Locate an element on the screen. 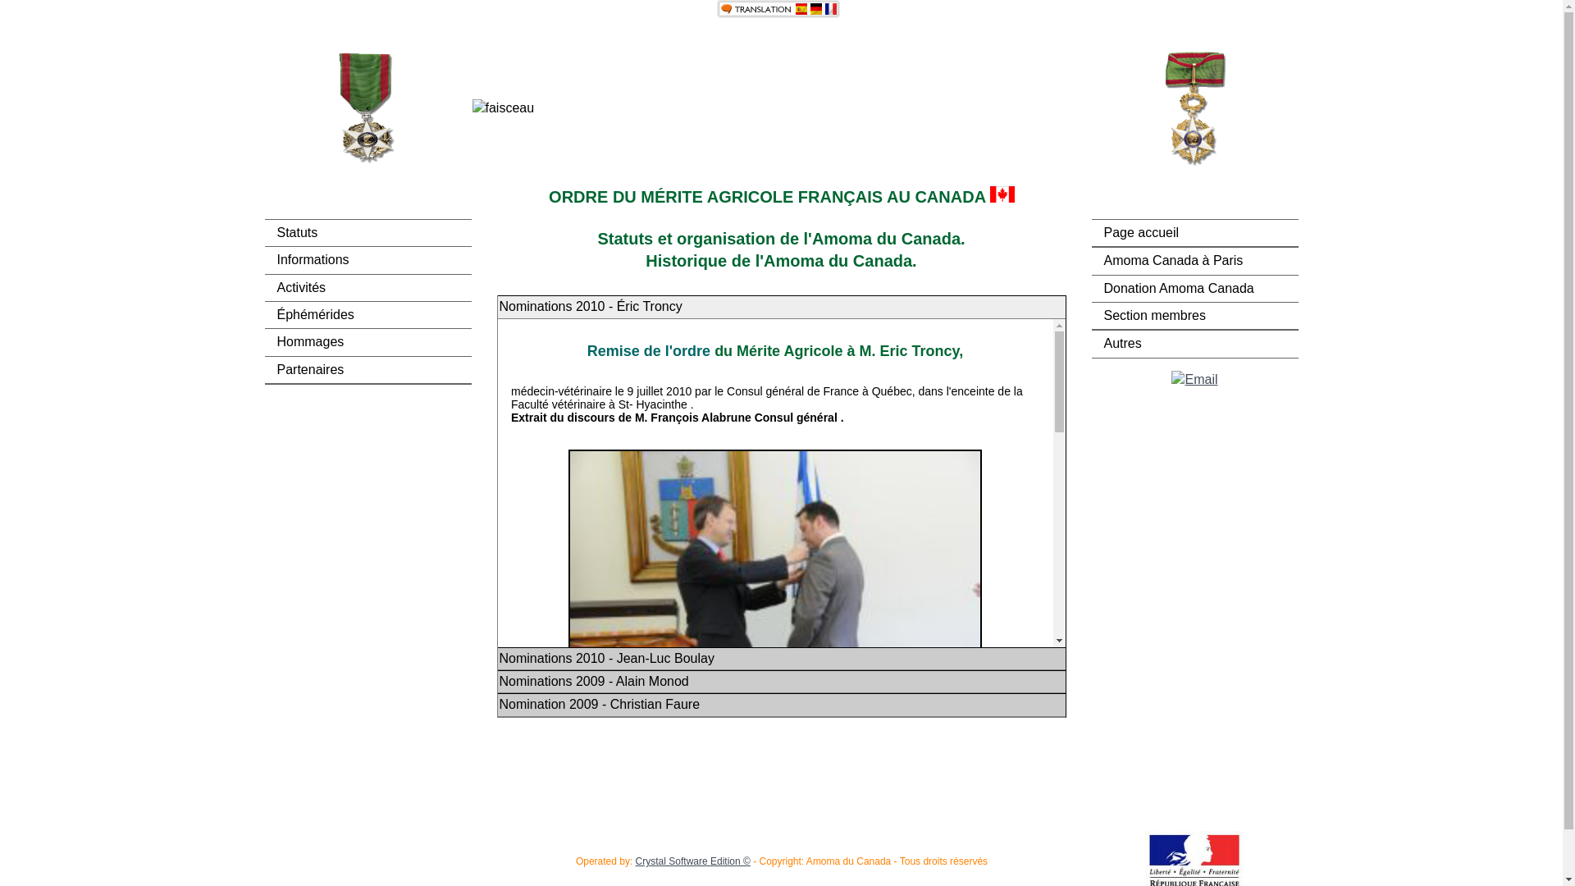 This screenshot has height=886, width=1575. 'Informations' is located at coordinates (366, 258).